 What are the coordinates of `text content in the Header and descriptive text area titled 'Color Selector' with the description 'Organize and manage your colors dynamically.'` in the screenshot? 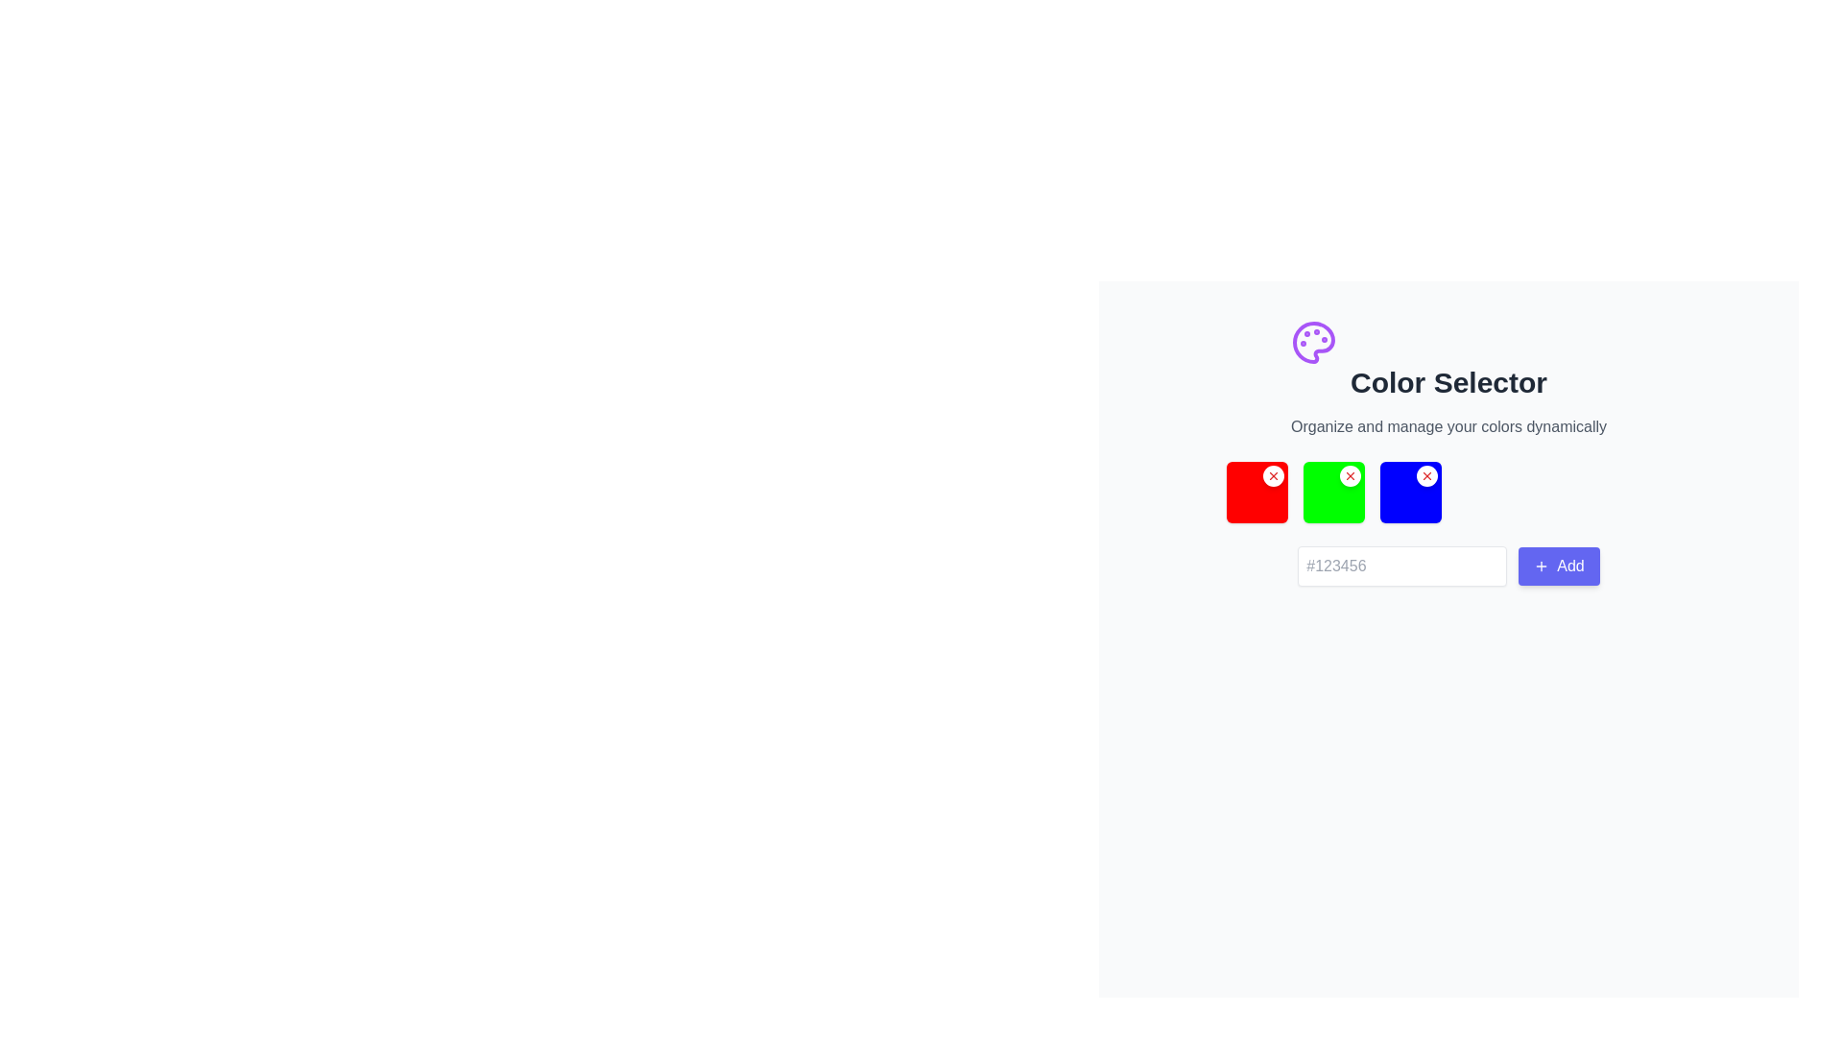 It's located at (1448, 378).